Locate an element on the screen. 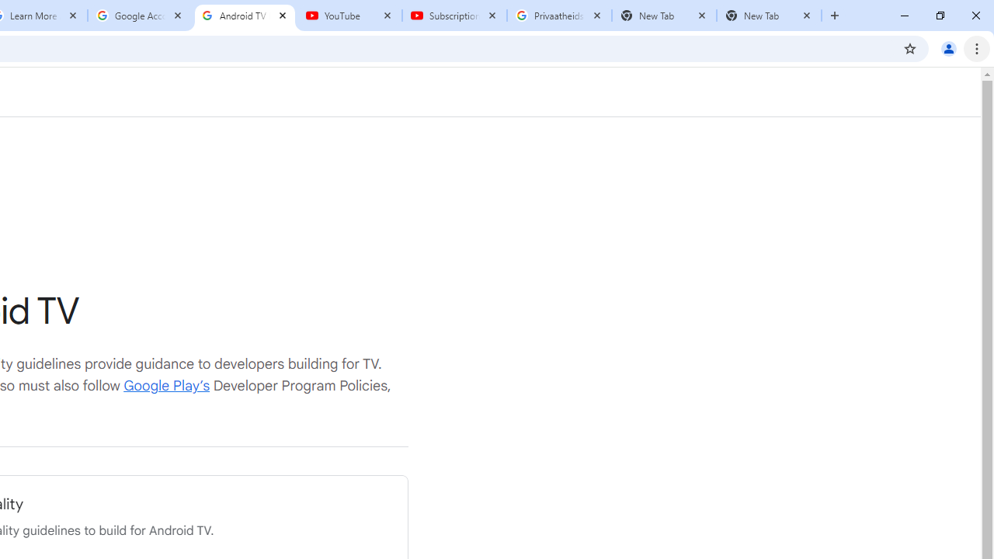 This screenshot has width=994, height=559. 'Subscriptions - YouTube' is located at coordinates (454, 16).